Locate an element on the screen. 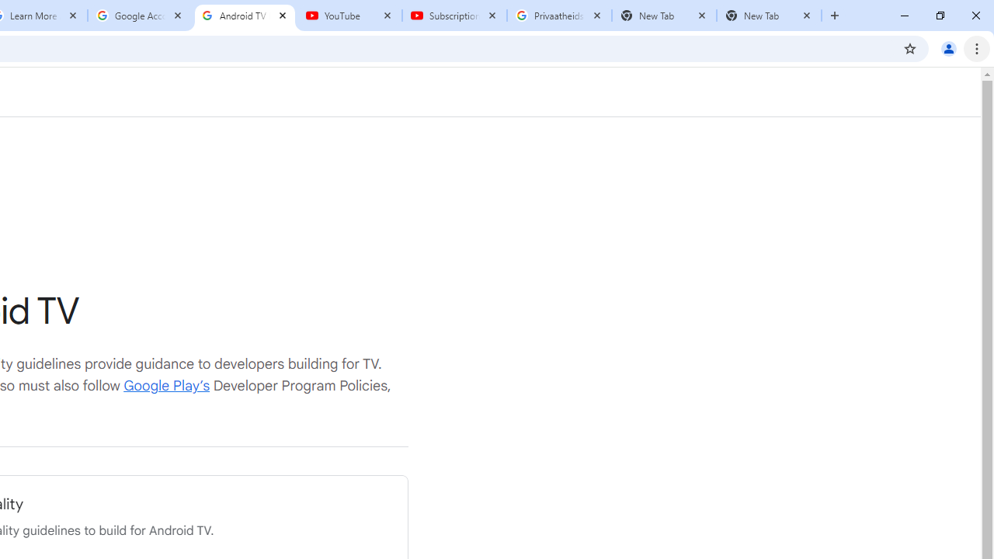 This screenshot has width=994, height=559. 'Subscriptions - YouTube' is located at coordinates (454, 16).